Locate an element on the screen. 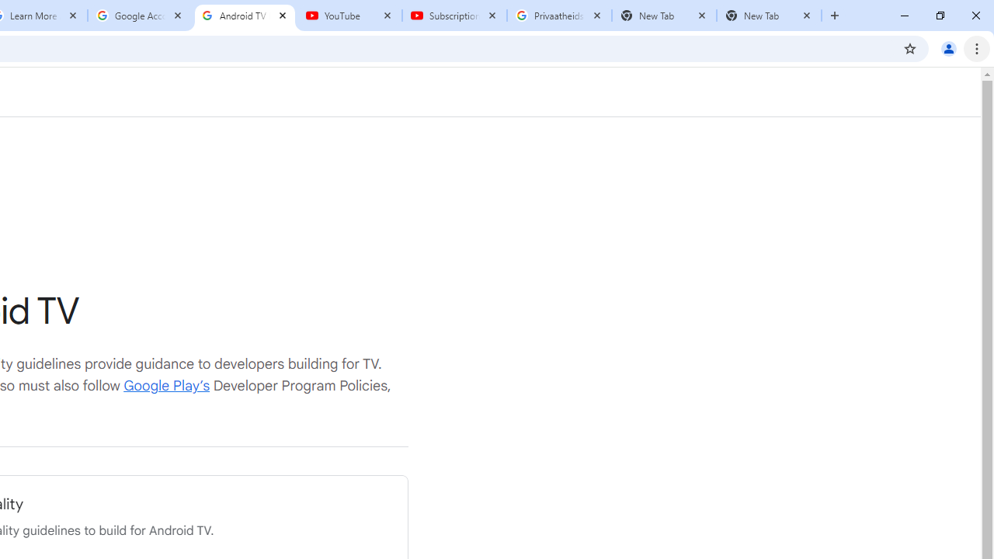 This screenshot has width=994, height=559. 'Subscriptions - YouTube' is located at coordinates (454, 16).